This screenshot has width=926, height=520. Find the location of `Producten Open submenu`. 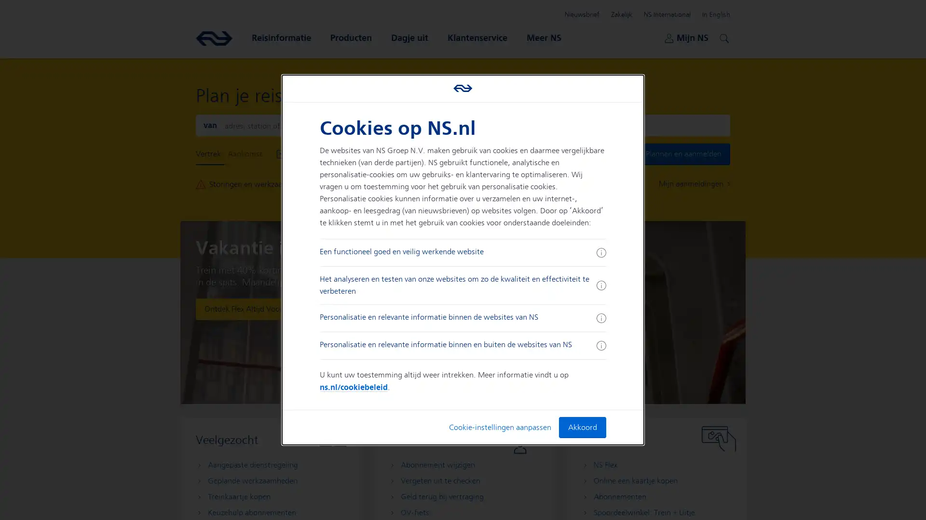

Producten Open submenu is located at coordinates (351, 37).